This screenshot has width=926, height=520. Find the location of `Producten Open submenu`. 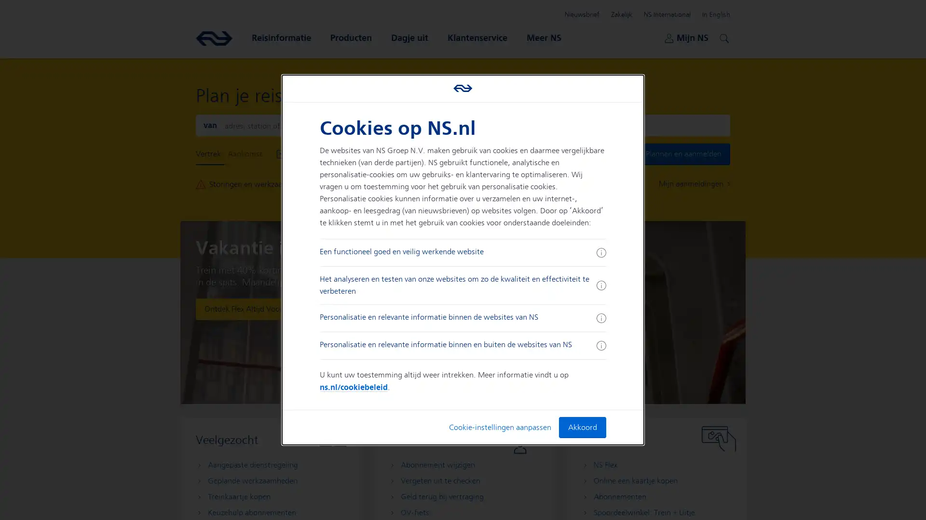

Producten Open submenu is located at coordinates (351, 37).